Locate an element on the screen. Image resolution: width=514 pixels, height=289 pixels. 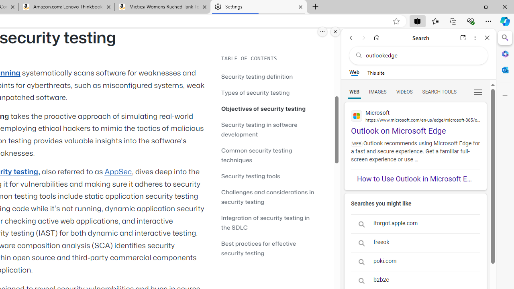
'Security testing definition' is located at coordinates (269, 76).